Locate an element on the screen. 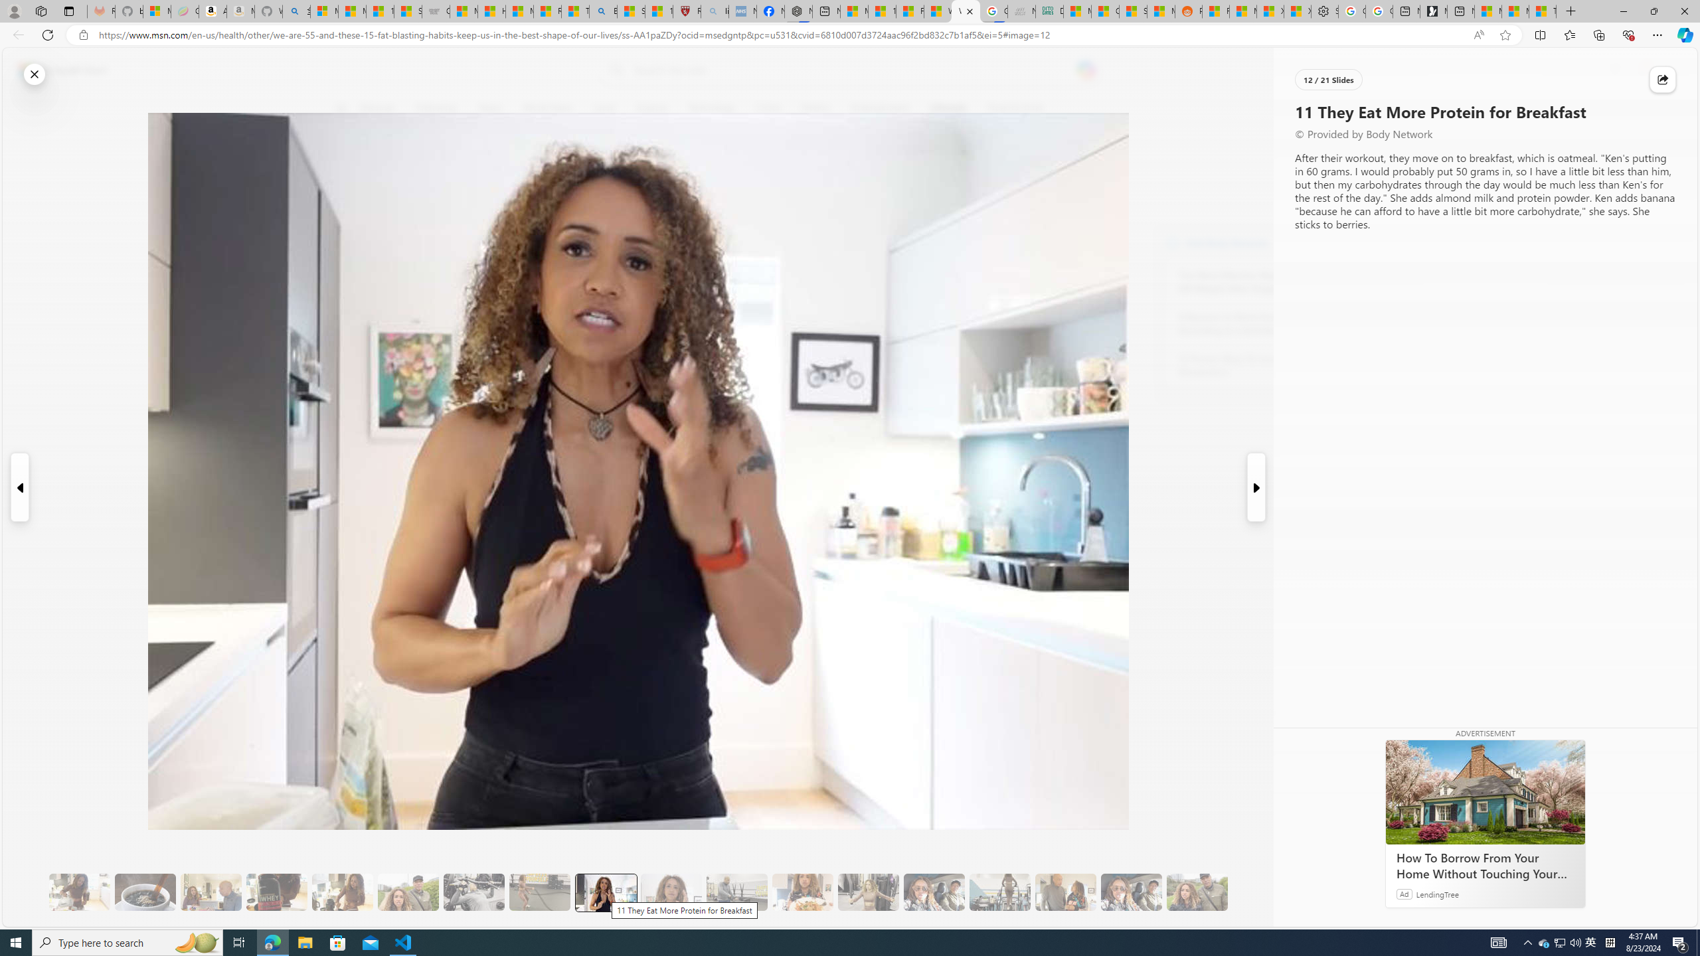 This screenshot has width=1700, height=956. 'Class: at-item immersive' is located at coordinates (1661, 79).